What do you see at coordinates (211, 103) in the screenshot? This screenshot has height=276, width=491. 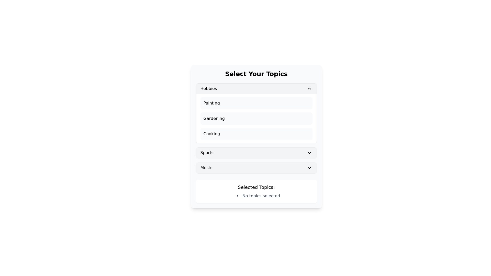 I see `the text label displaying 'Painting' in black font within the 'Hobbies' section under 'Select Your Topics'` at bounding box center [211, 103].